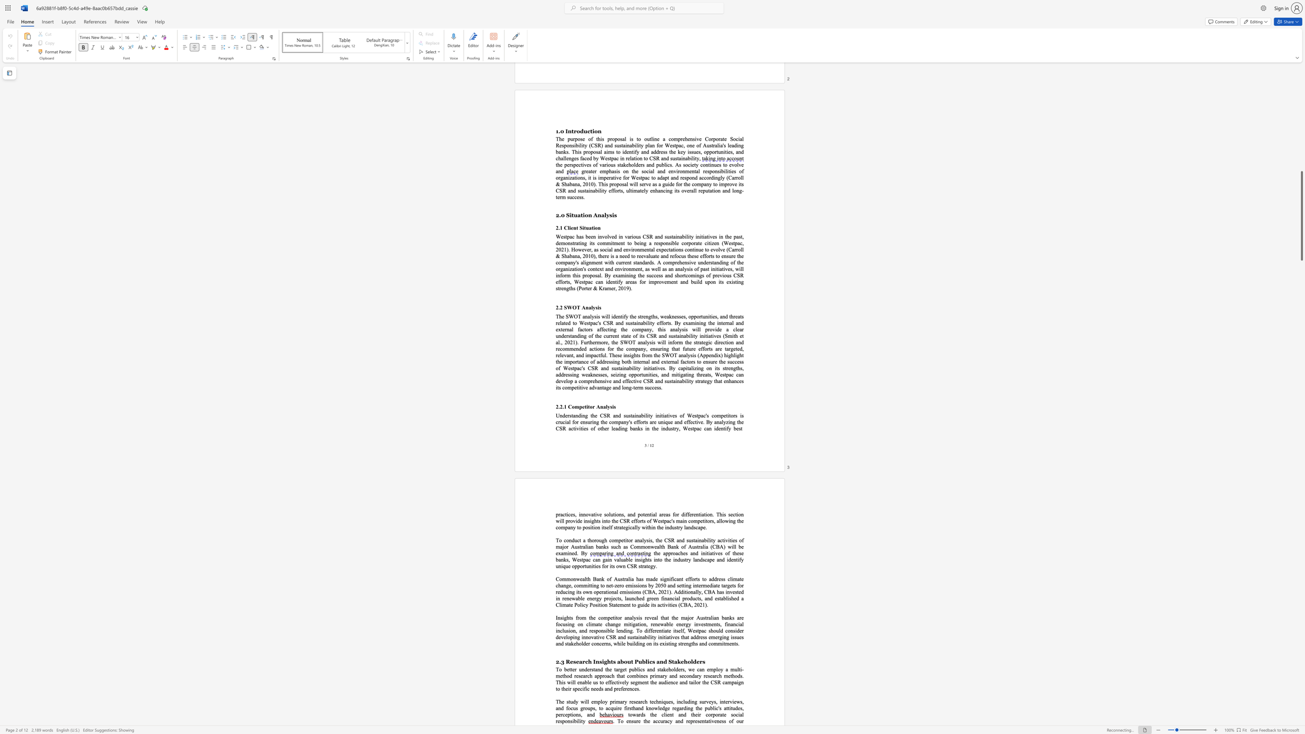 The height and width of the screenshot is (734, 1305). I want to click on the 1th character "1" in the text, so click(703, 604).